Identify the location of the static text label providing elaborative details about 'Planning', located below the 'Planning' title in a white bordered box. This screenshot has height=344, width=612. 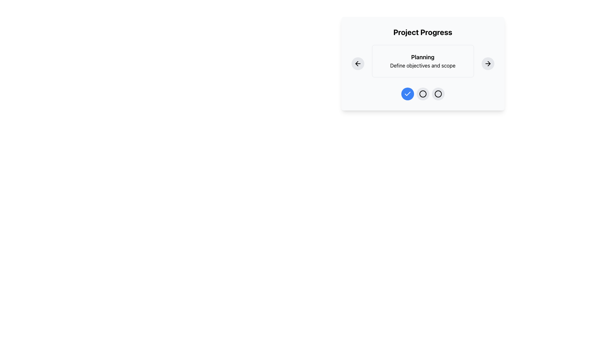
(423, 65).